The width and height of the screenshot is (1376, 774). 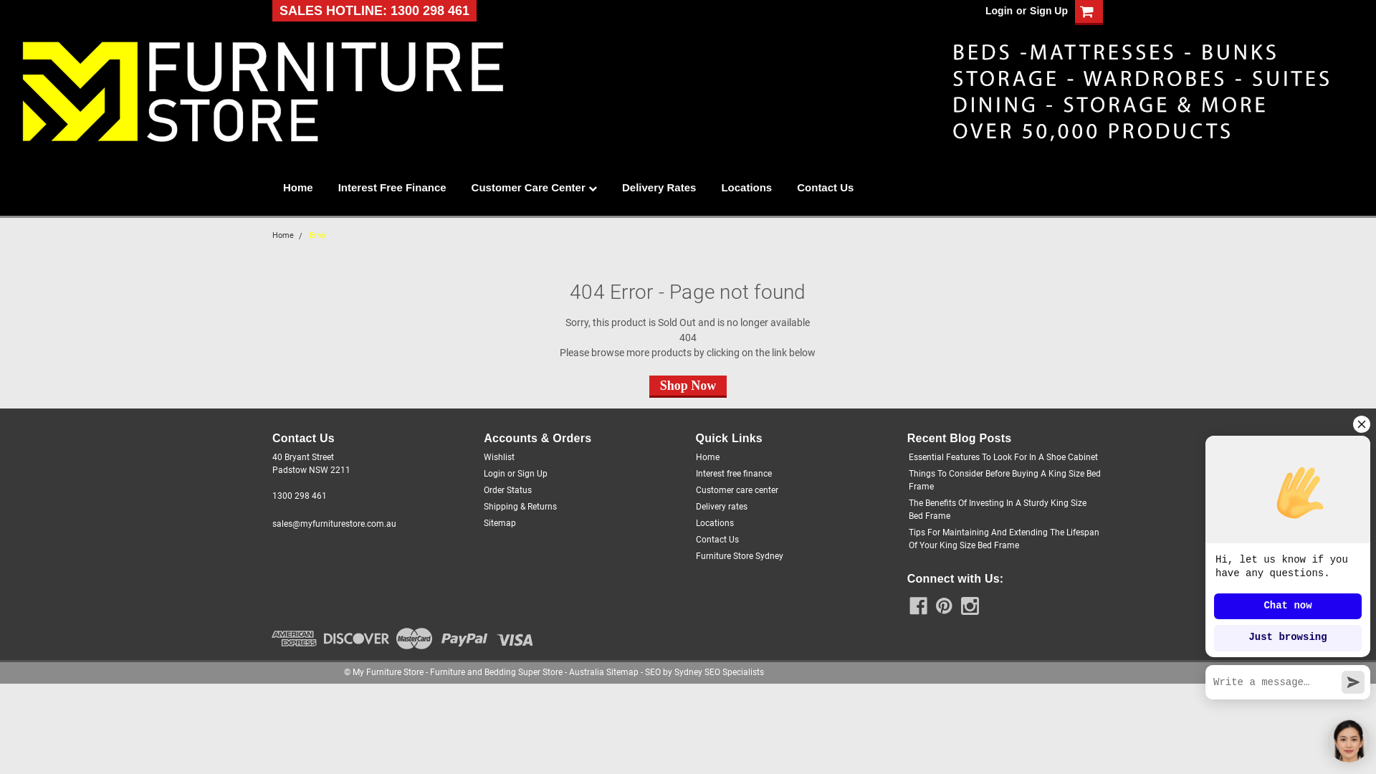 What do you see at coordinates (507, 489) in the screenshot?
I see `'Order Status'` at bounding box center [507, 489].